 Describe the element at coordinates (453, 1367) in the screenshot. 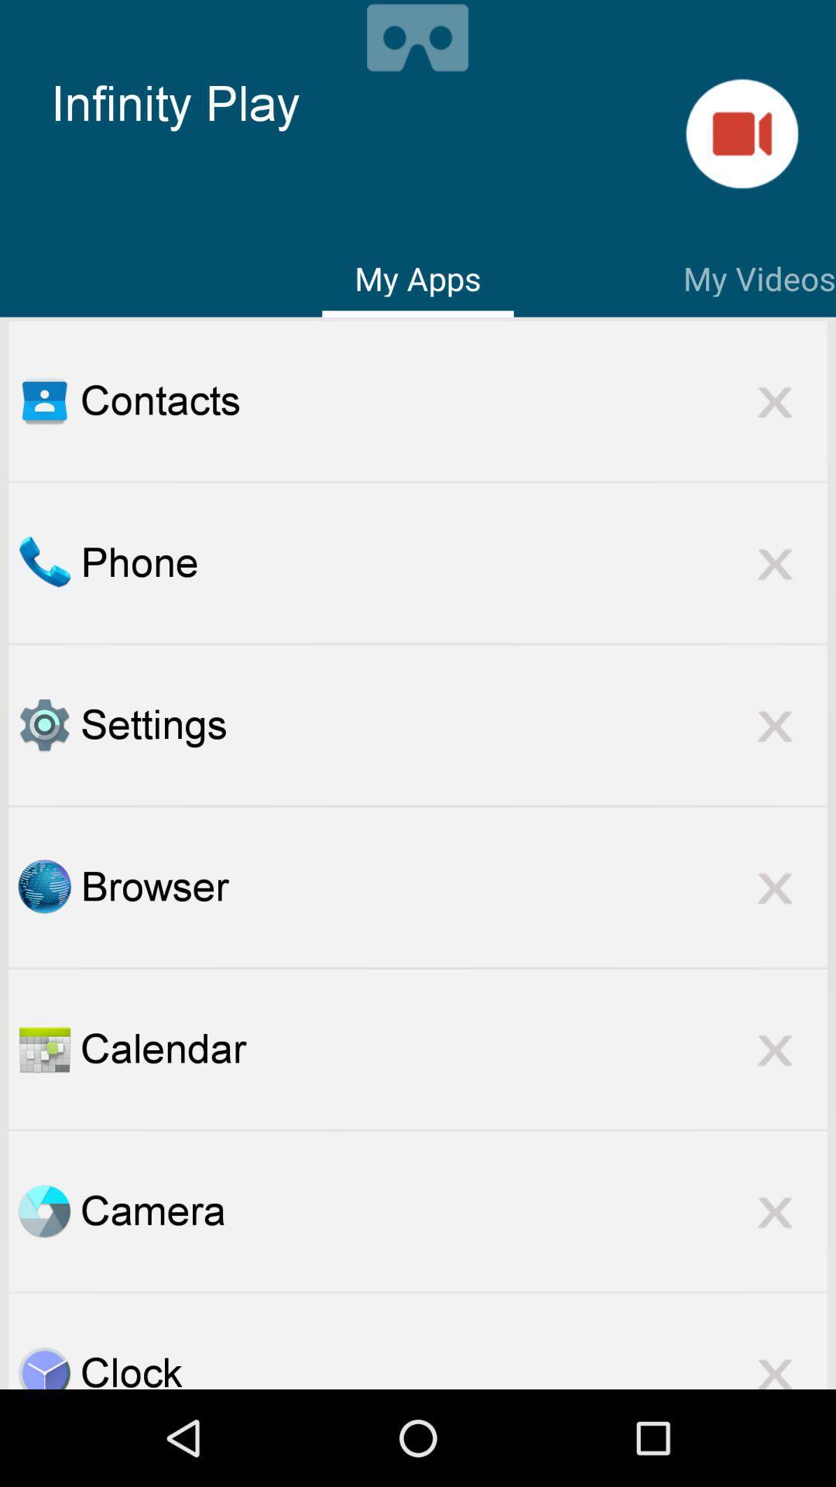

I see `the clock item` at that location.